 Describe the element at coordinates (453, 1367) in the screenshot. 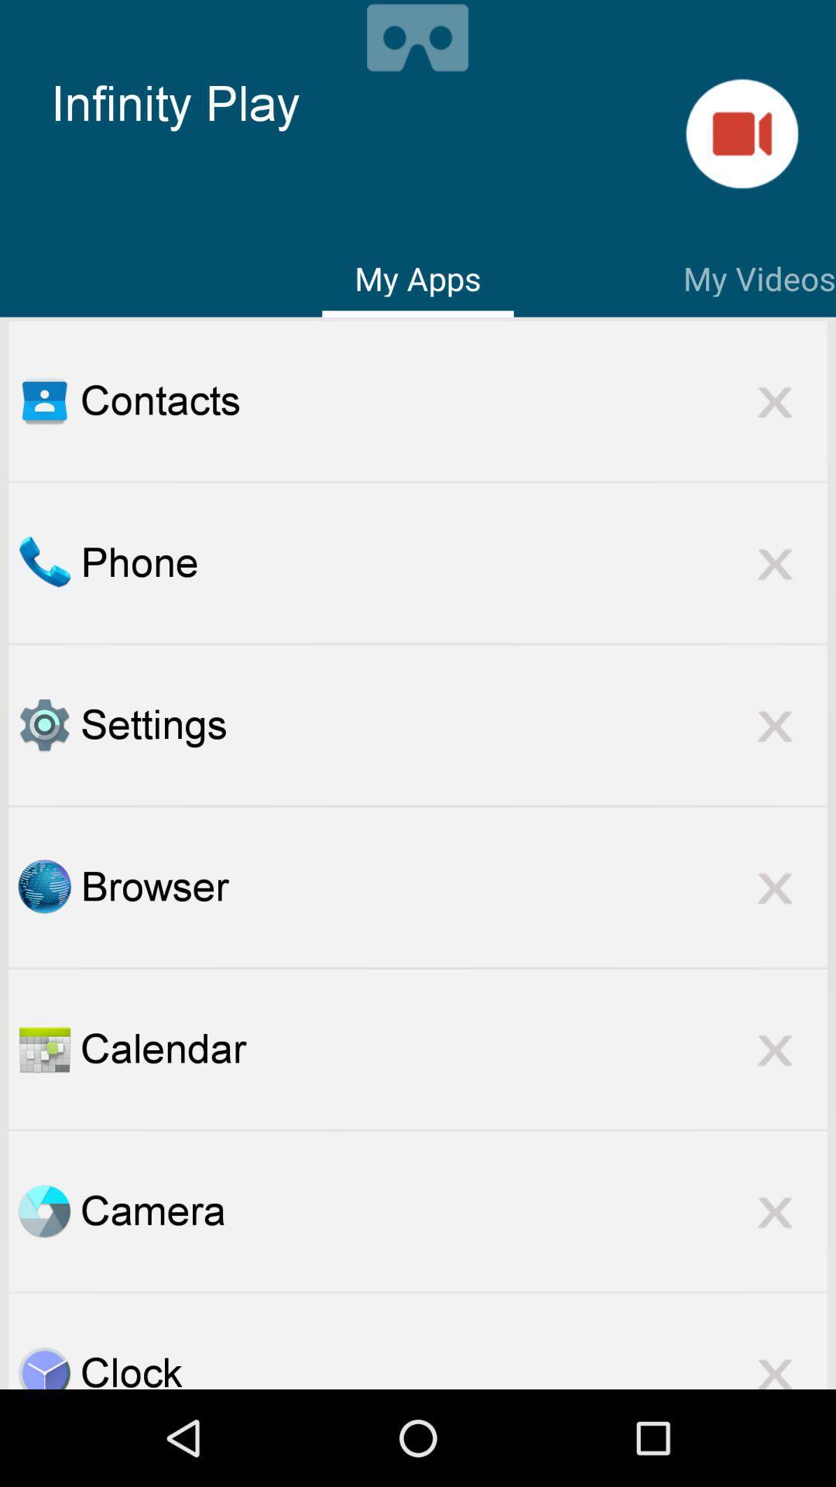

I see `the clock item` at that location.